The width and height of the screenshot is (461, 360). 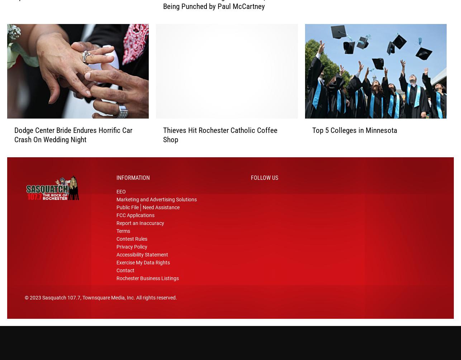 What do you see at coordinates (132, 249) in the screenshot?
I see `'Privacy Policy'` at bounding box center [132, 249].